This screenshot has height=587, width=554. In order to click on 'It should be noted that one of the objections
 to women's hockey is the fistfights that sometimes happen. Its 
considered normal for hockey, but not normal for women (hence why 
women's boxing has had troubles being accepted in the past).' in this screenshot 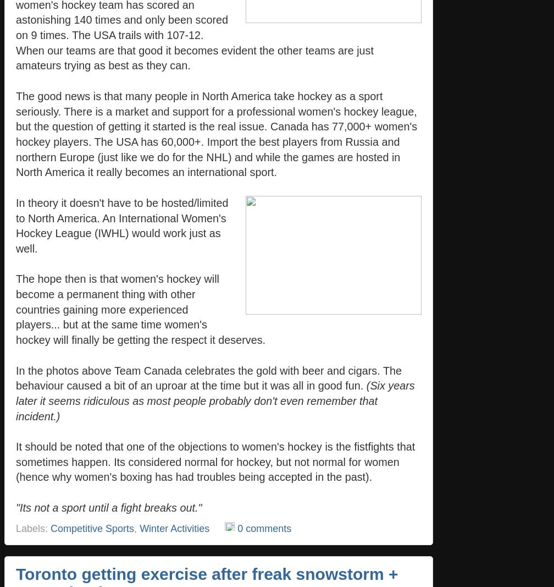, I will do `click(215, 461)`.